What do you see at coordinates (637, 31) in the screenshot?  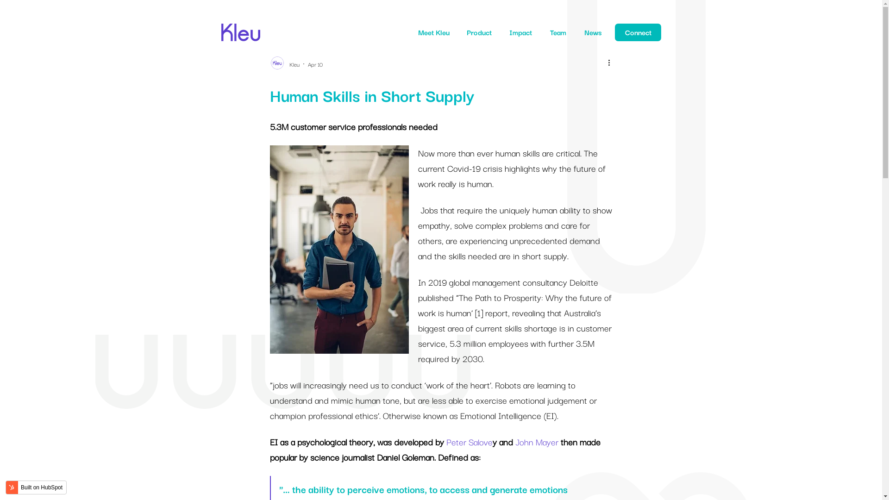 I see `'Connect'` at bounding box center [637, 31].